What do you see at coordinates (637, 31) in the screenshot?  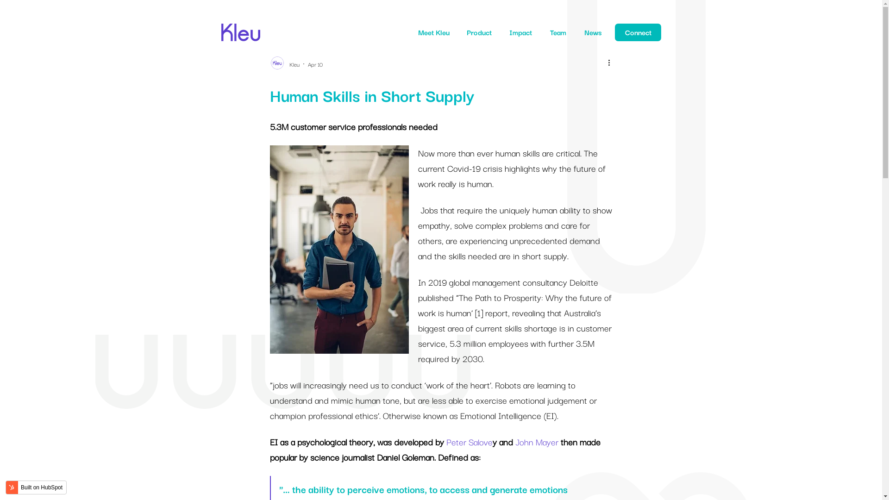 I see `'Connect'` at bounding box center [637, 31].